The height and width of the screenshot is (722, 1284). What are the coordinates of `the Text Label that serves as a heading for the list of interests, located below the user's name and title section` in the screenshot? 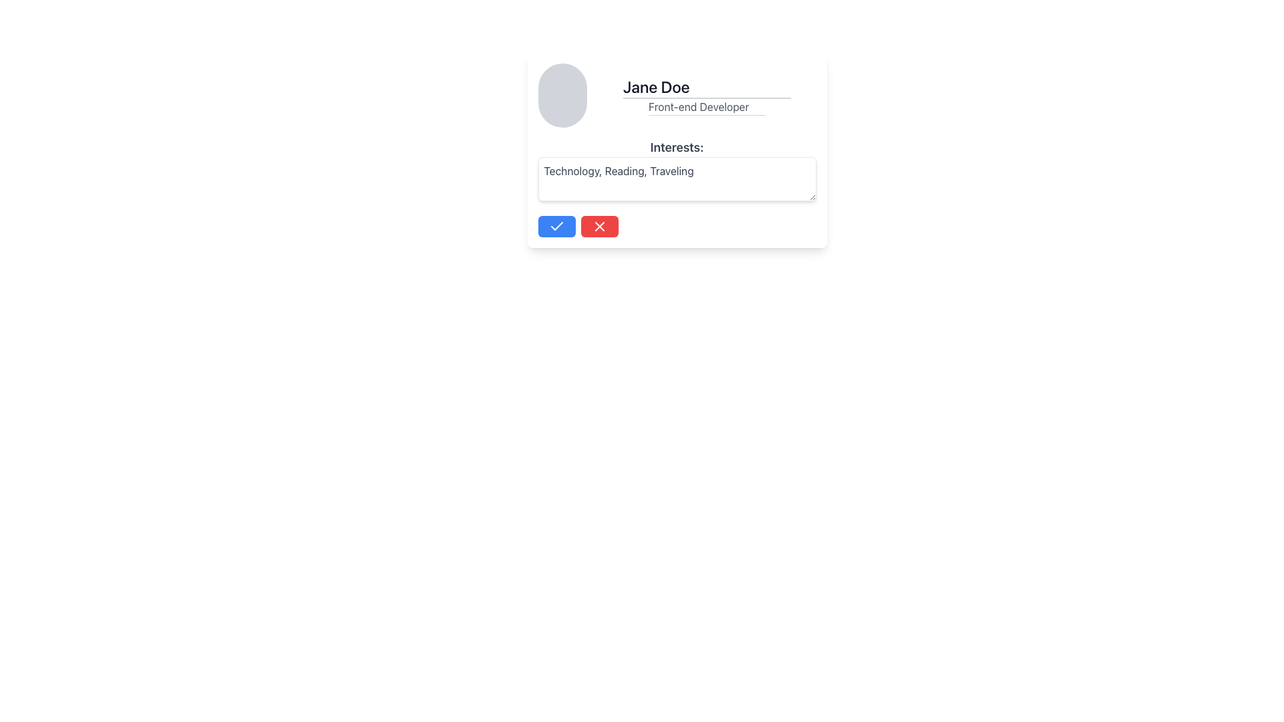 It's located at (677, 147).